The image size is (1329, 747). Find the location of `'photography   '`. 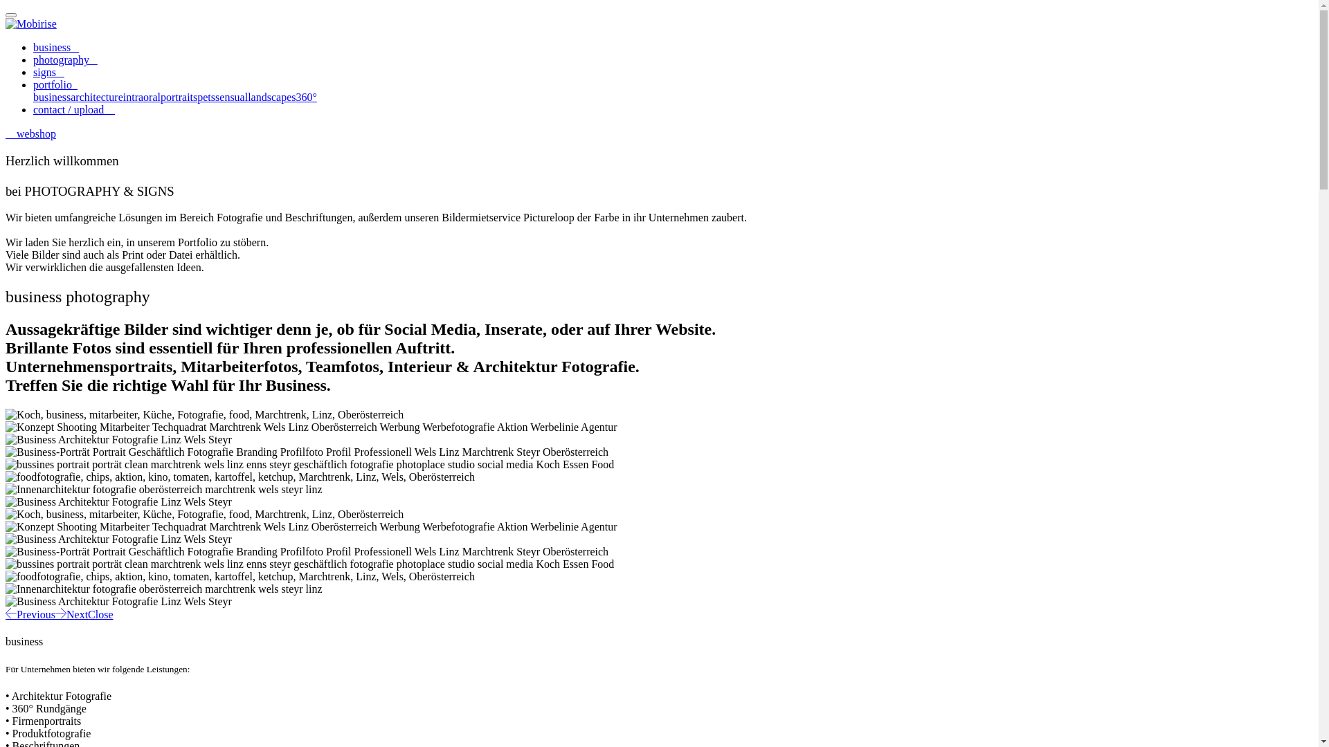

'photography   ' is located at coordinates (64, 59).